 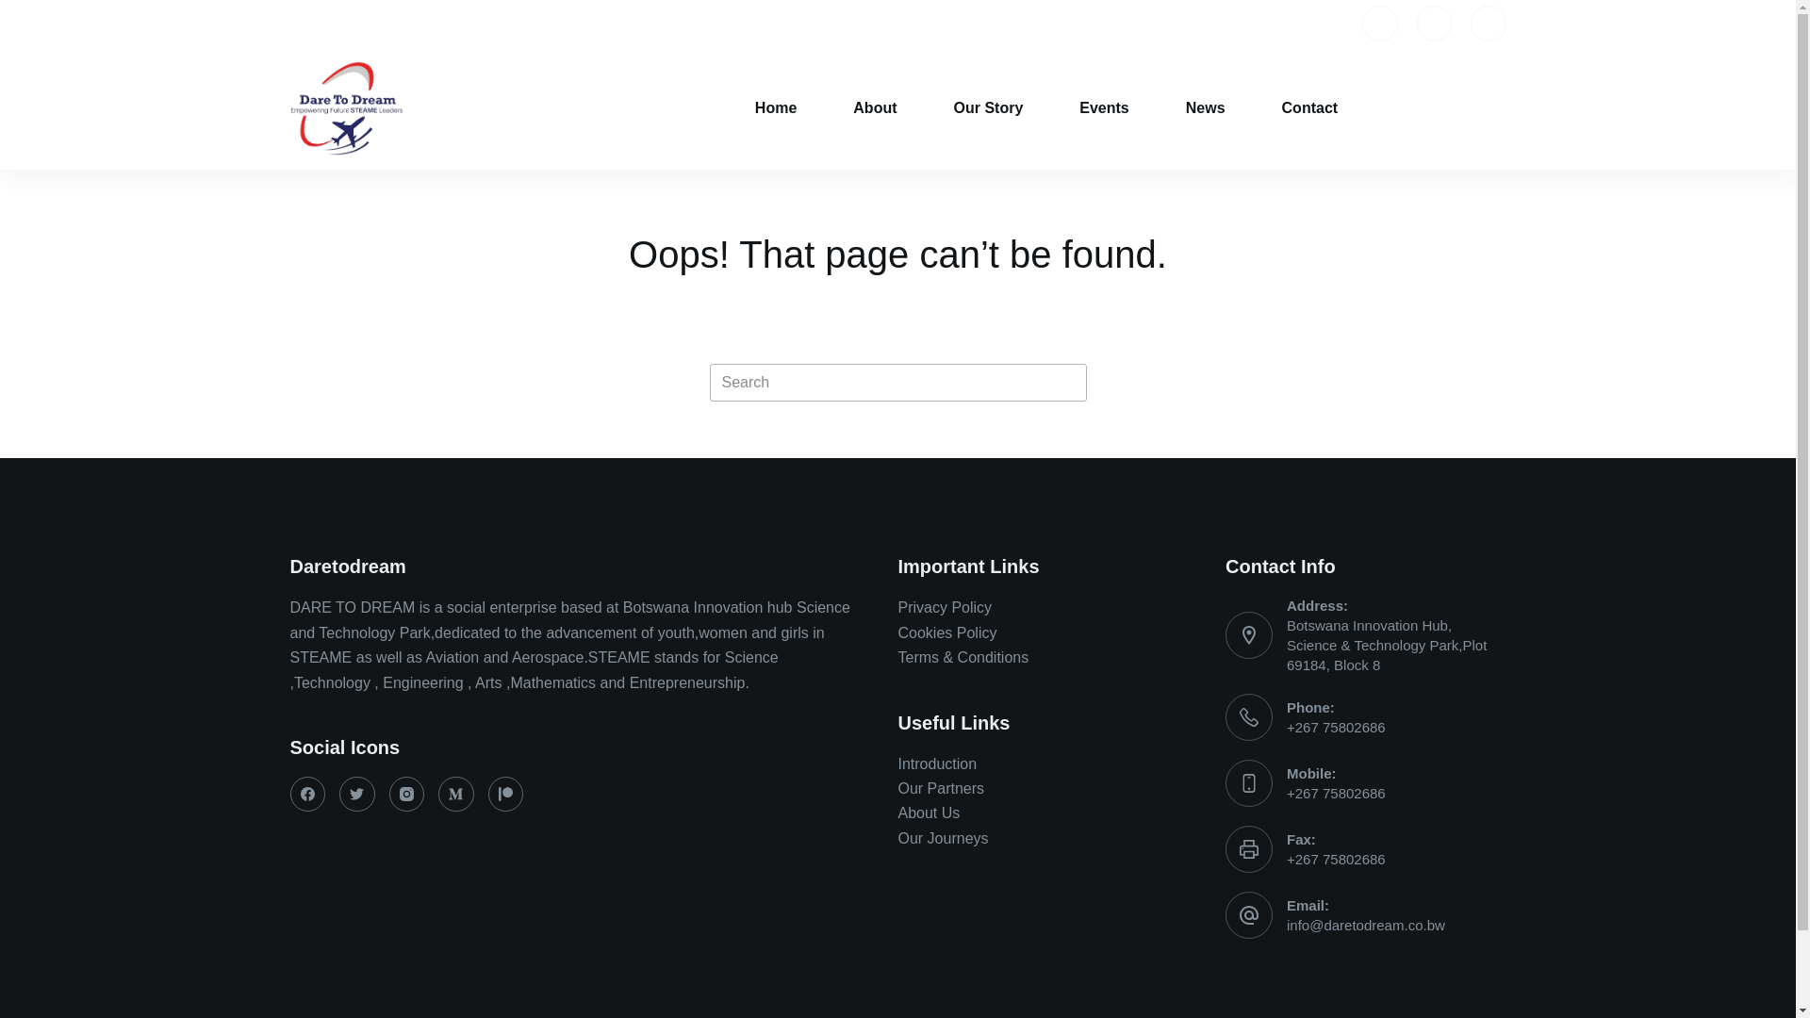 What do you see at coordinates (1366, 924) in the screenshot?
I see `'info@daretodream.co.bw'` at bounding box center [1366, 924].